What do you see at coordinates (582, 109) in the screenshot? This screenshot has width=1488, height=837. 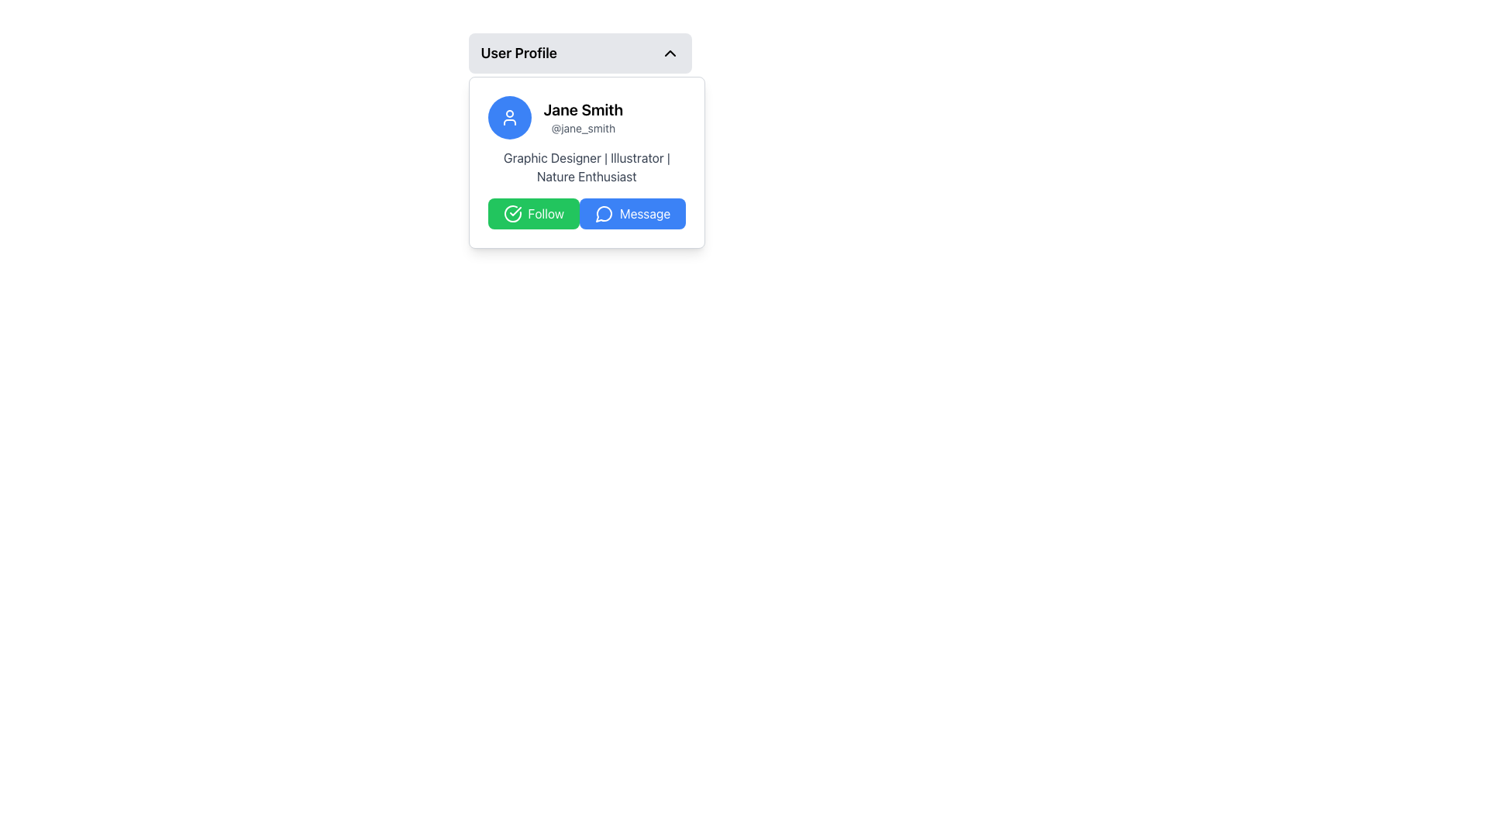 I see `name 'Jane Smith' displayed prominently in bold at the top of the card layout, above the username '@jane_smith'` at bounding box center [582, 109].